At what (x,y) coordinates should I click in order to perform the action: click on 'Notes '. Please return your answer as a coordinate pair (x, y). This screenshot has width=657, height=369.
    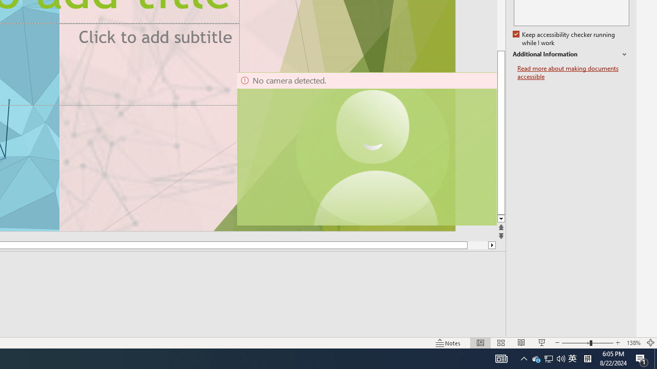
    Looking at the image, I should click on (449, 343).